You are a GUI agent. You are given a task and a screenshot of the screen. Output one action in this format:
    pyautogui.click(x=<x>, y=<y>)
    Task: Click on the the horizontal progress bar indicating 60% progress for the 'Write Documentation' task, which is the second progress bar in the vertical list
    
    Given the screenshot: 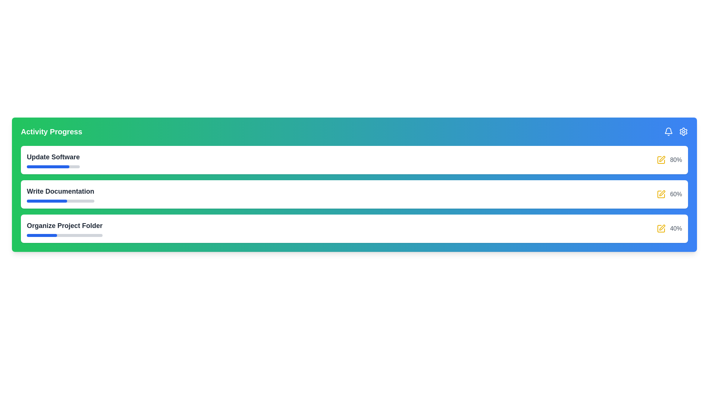 What is the action you would take?
    pyautogui.click(x=60, y=201)
    